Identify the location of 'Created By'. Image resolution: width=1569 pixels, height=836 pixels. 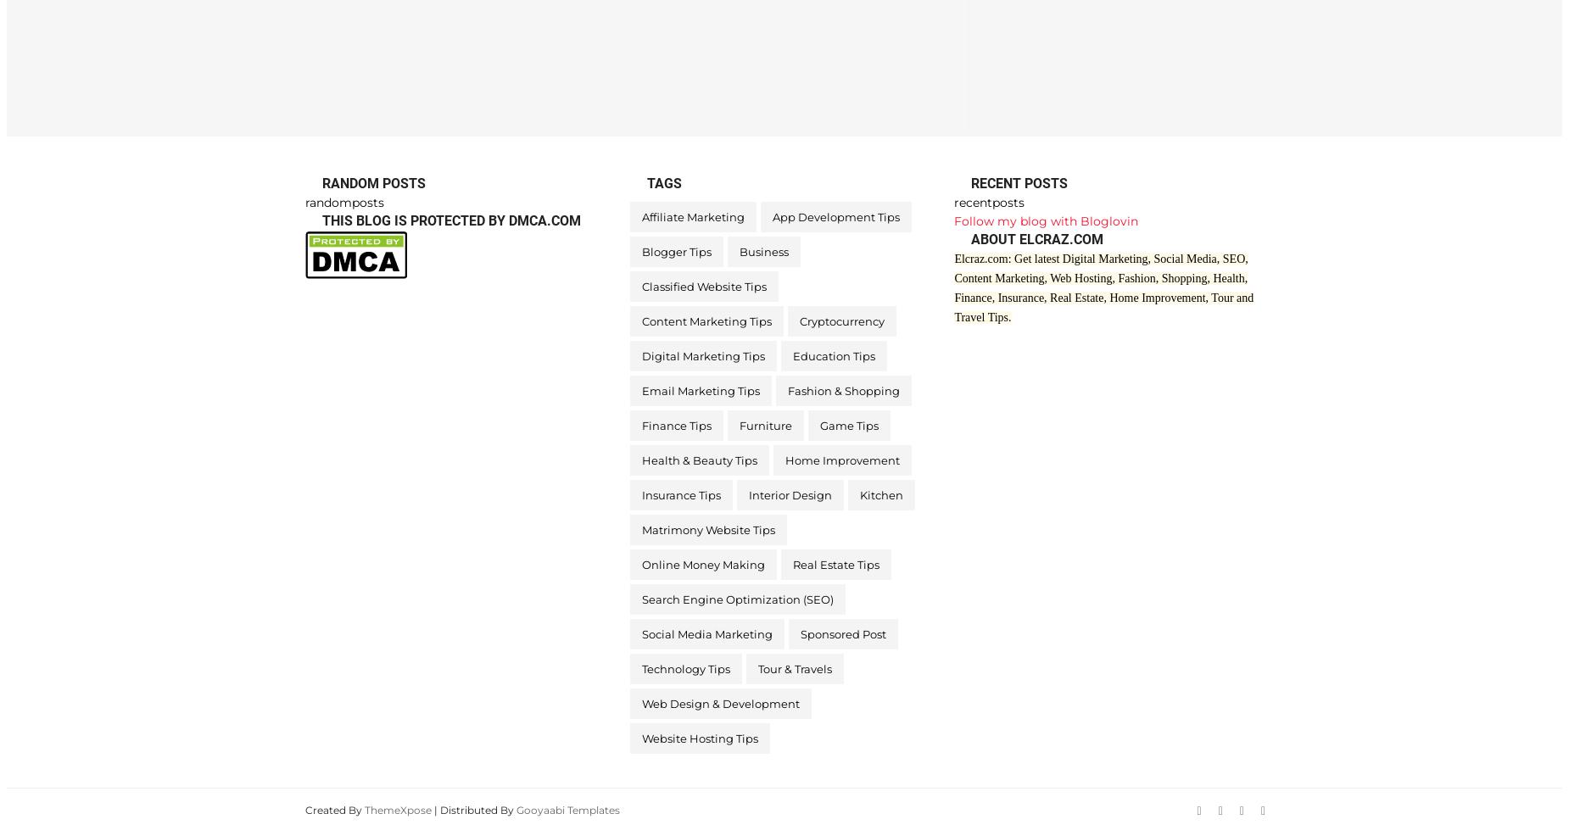
(333, 810).